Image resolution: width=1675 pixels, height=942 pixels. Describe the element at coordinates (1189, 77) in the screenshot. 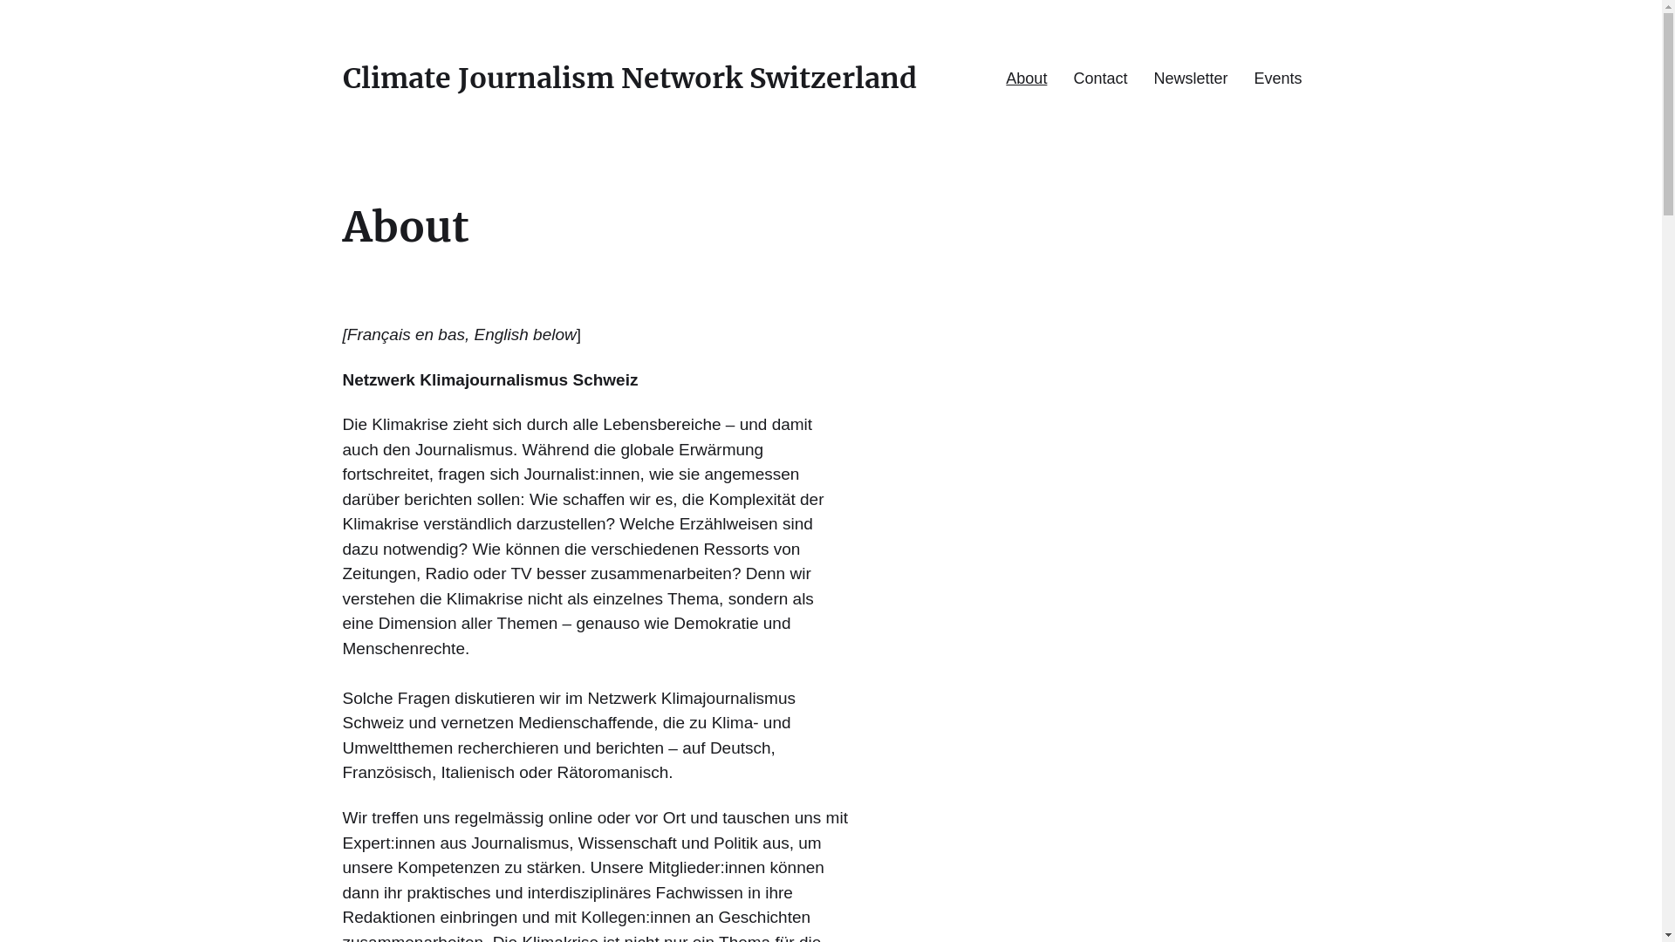

I see `'Newsletter'` at that location.